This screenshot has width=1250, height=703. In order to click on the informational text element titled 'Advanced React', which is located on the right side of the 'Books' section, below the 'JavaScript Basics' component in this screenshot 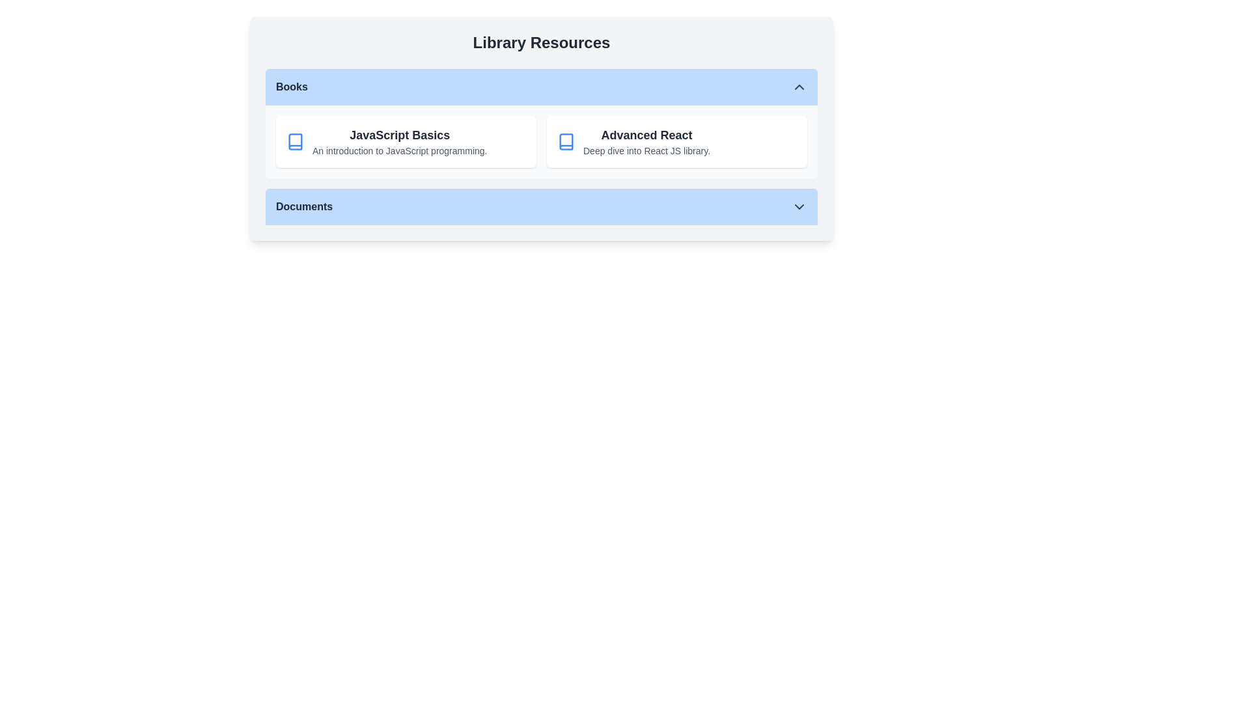, I will do `click(646, 142)`.